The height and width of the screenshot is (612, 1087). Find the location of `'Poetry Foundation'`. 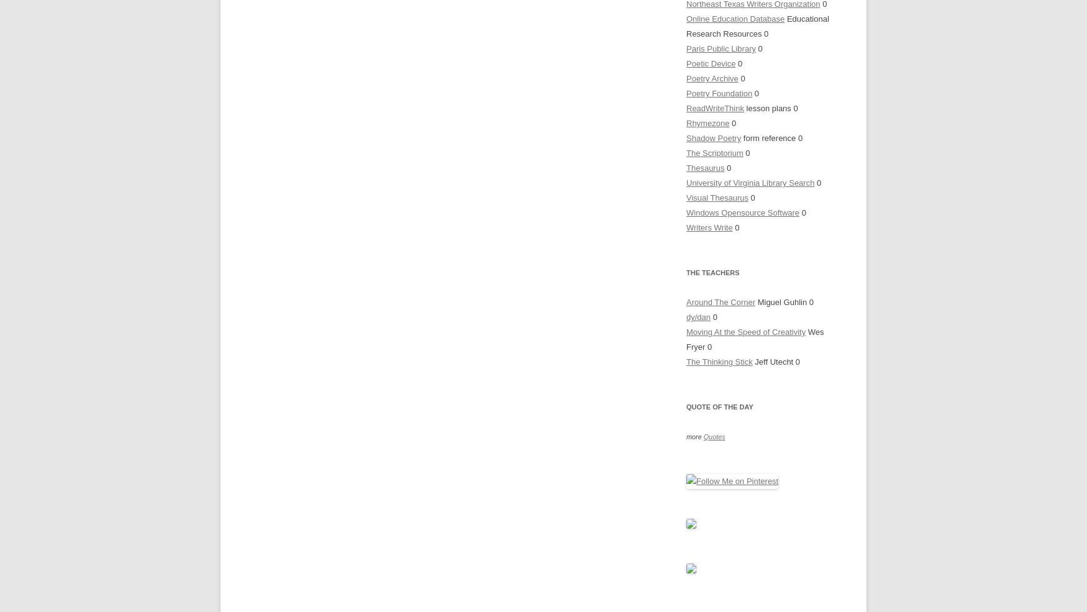

'Poetry Foundation' is located at coordinates (718, 93).